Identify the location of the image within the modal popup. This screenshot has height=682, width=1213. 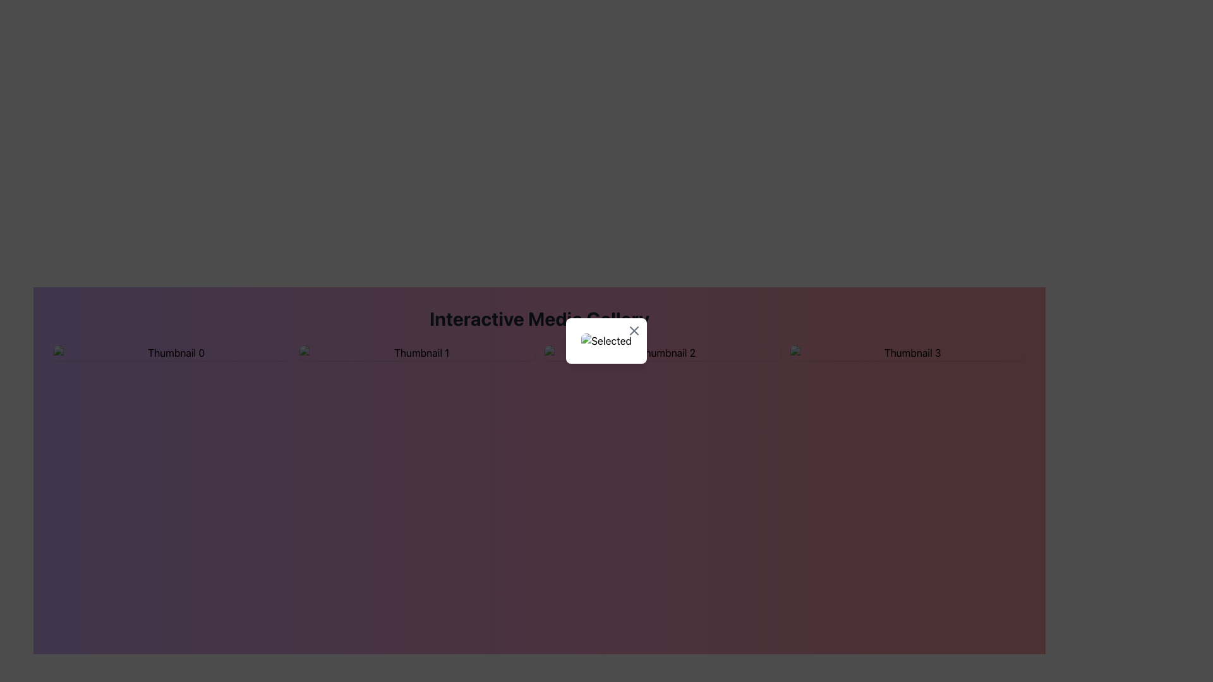
(606, 341).